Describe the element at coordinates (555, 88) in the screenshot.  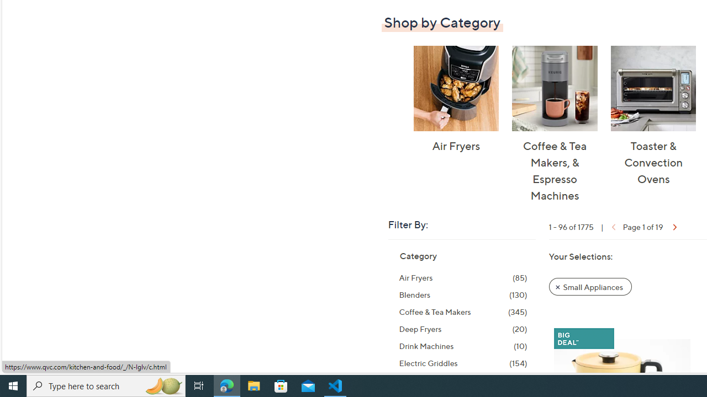
I see `'Coffee & Tea Makers, & Espresso Machines'` at that location.